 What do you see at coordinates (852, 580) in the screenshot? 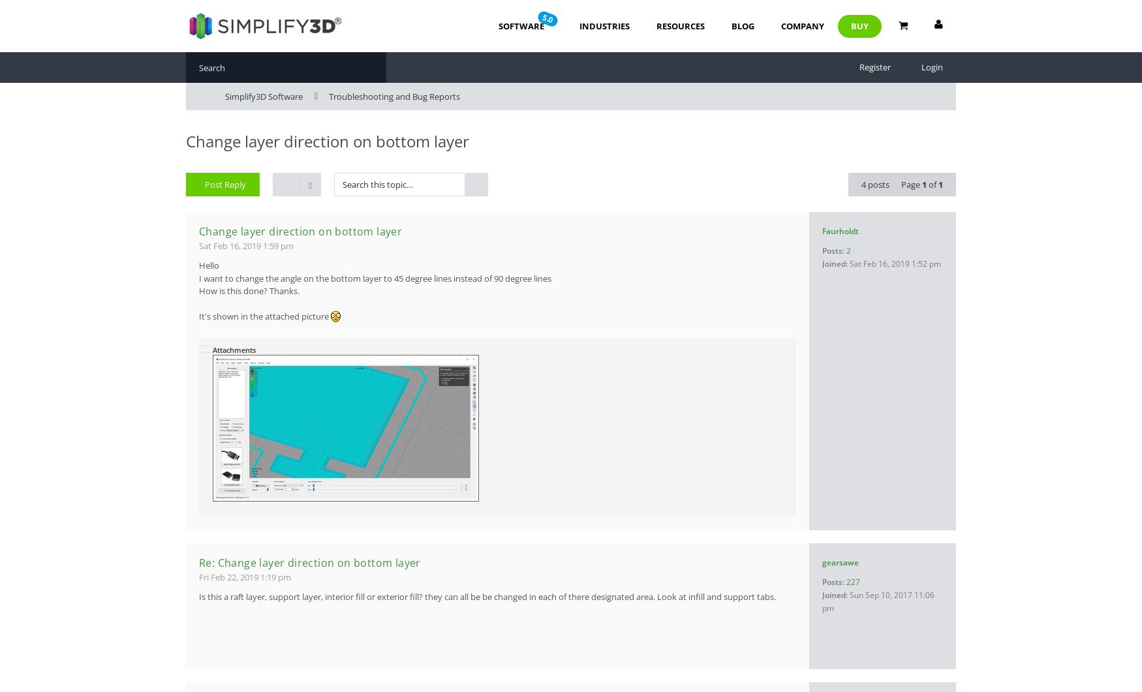
I see `'227'` at bounding box center [852, 580].